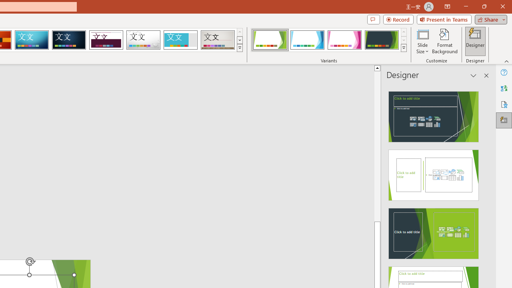  I want to click on 'Recommended Design: Design Idea', so click(433, 114).